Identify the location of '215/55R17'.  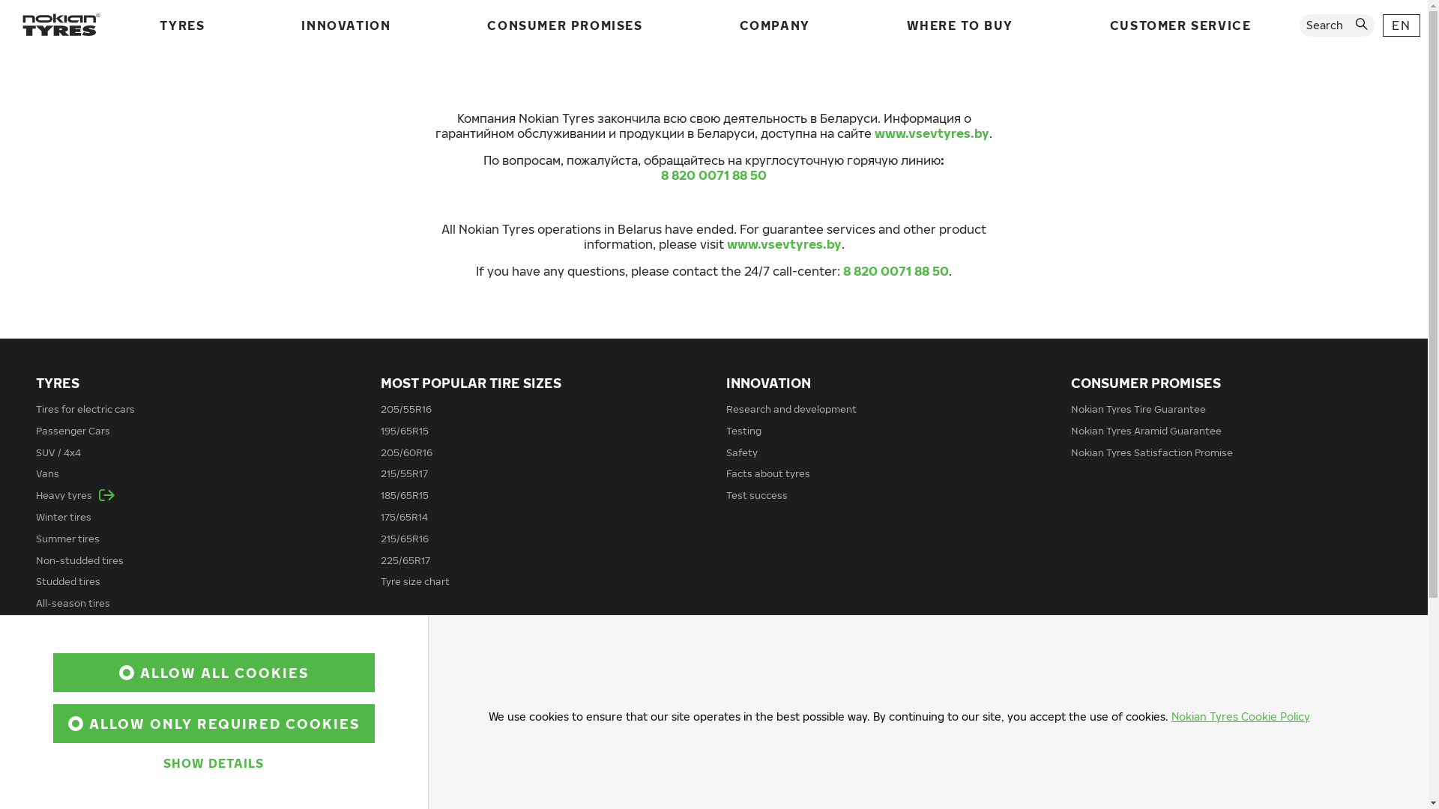
(404, 473).